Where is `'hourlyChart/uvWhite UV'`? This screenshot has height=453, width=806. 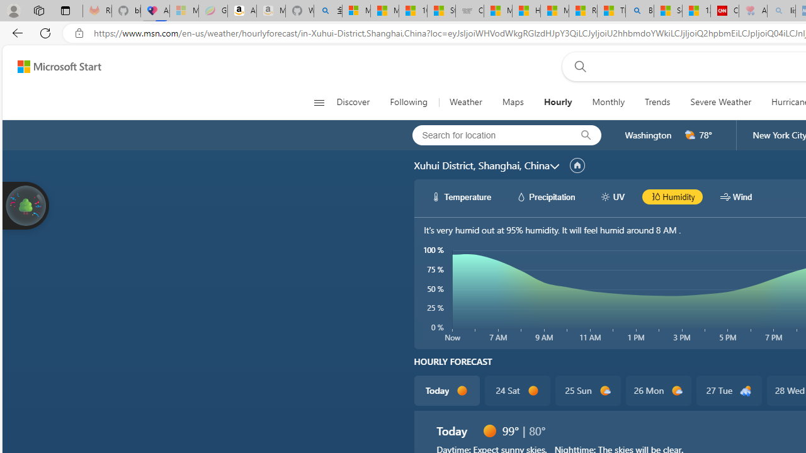 'hourlyChart/uvWhite UV' is located at coordinates (612, 196).